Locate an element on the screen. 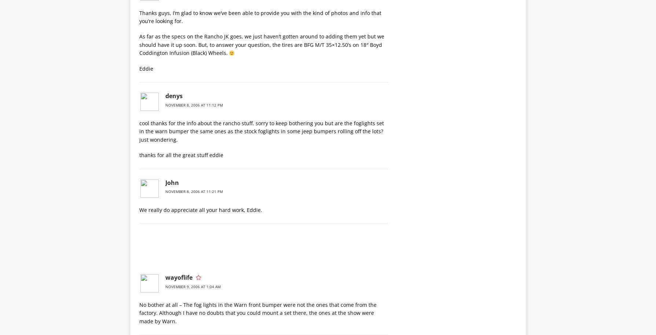 The image size is (656, 335). 'wayoflife' is located at coordinates (178, 277).